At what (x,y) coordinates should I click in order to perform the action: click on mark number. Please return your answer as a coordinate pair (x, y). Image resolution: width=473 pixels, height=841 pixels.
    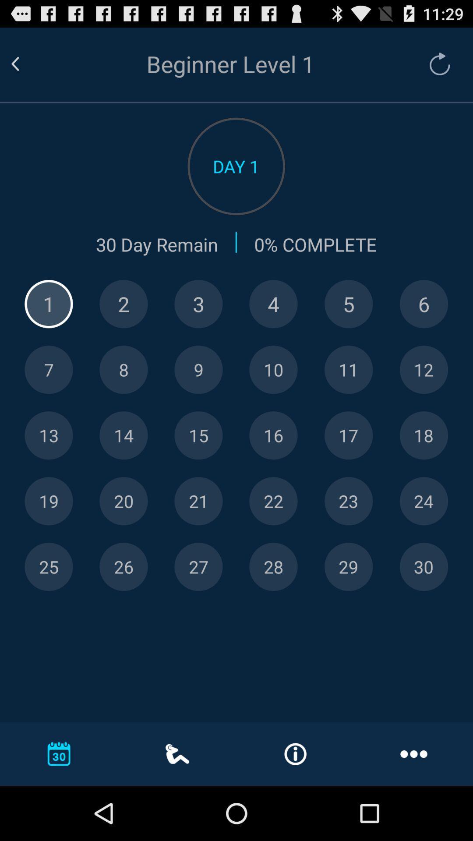
    Looking at the image, I should click on (198, 370).